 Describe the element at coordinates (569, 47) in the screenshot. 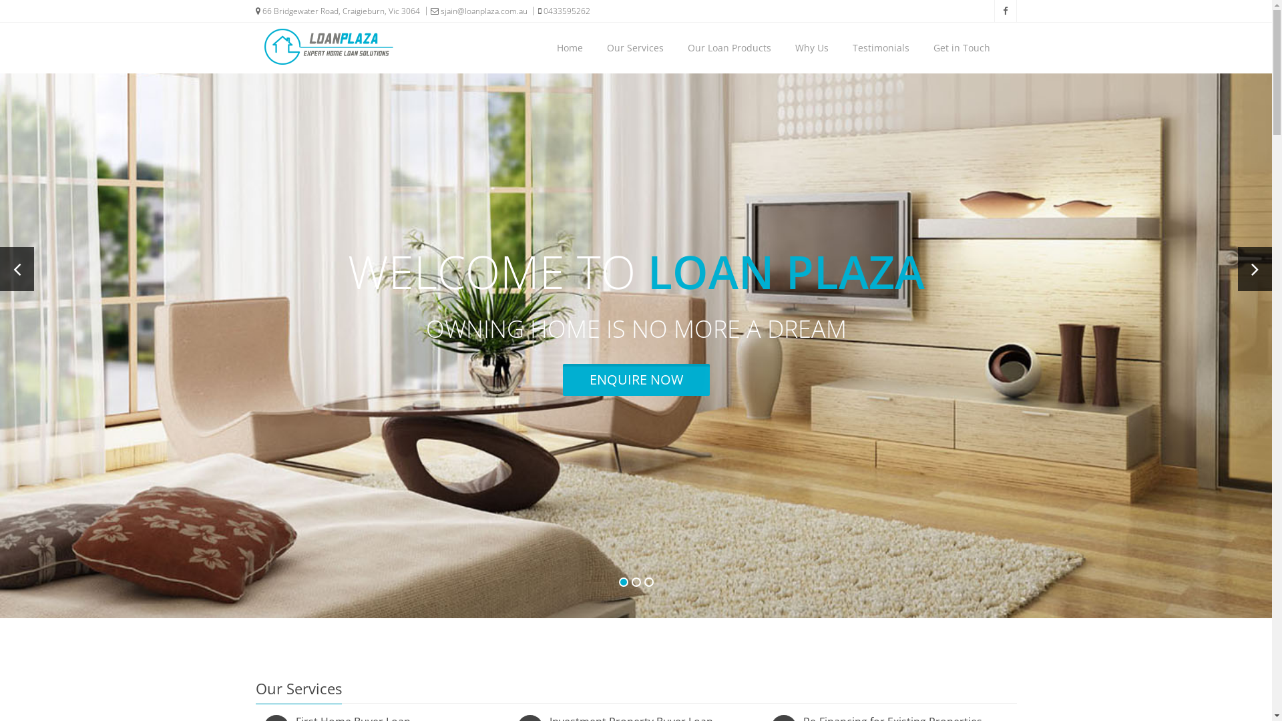

I see `'Home'` at that location.